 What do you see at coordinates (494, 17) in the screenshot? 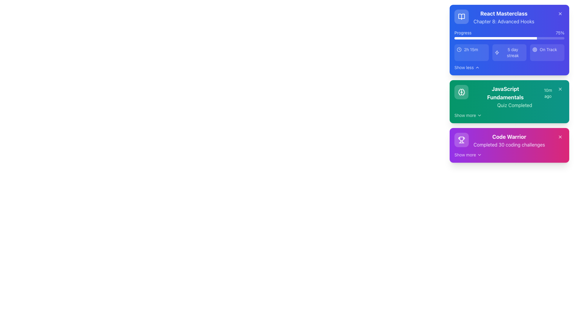
I see `the header for the course titled 'React Masterclass' with the subtitle 'Chapter 8: Advanced Hooks' to view a context menu` at bounding box center [494, 17].